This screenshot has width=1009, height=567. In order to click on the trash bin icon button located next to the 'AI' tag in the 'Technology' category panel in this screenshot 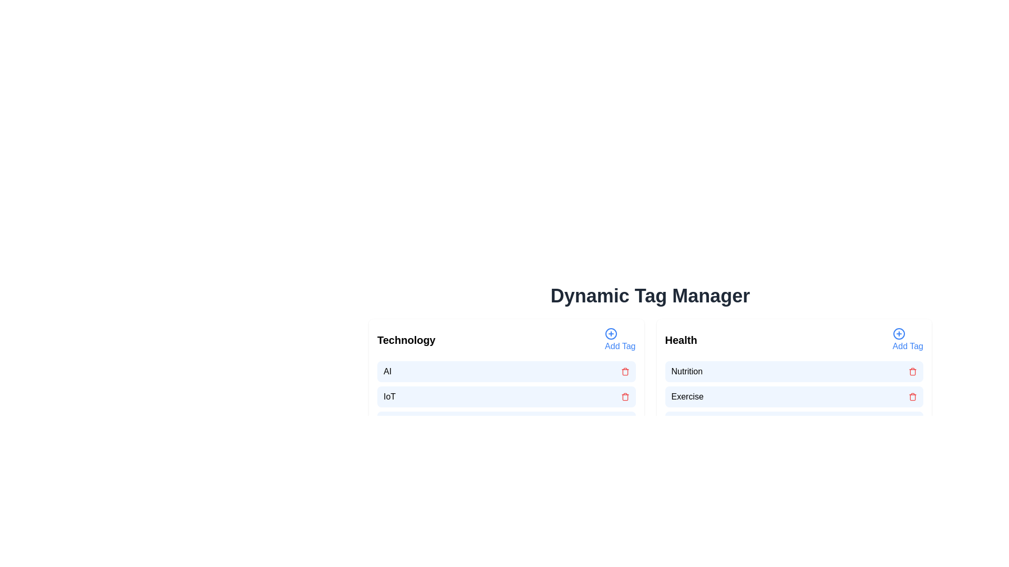, I will do `click(625, 371)`.